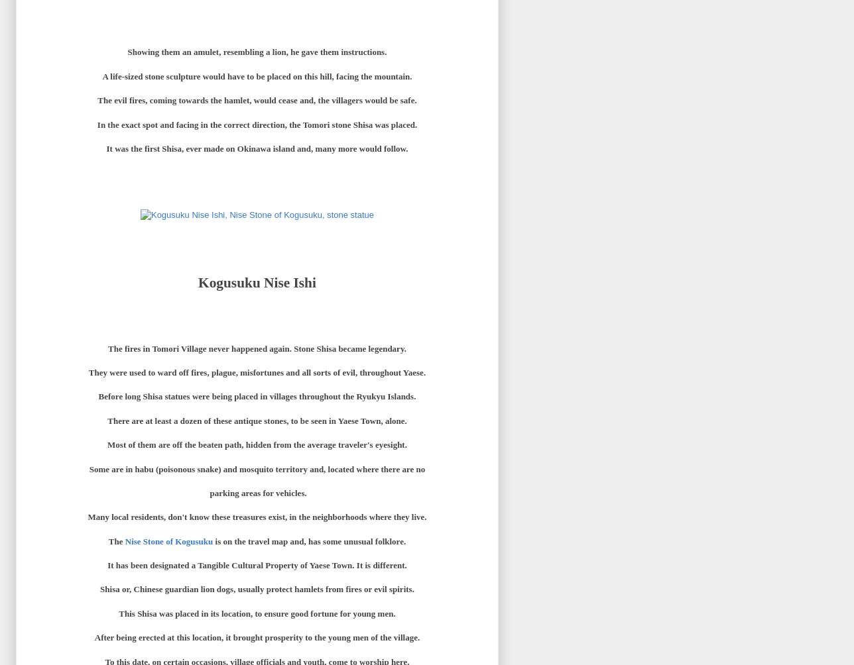 The height and width of the screenshot is (665, 854). What do you see at coordinates (102, 76) in the screenshot?
I see `'A life-sized stone sculpture would have to be placed on this hill, facing the mountain.'` at bounding box center [102, 76].